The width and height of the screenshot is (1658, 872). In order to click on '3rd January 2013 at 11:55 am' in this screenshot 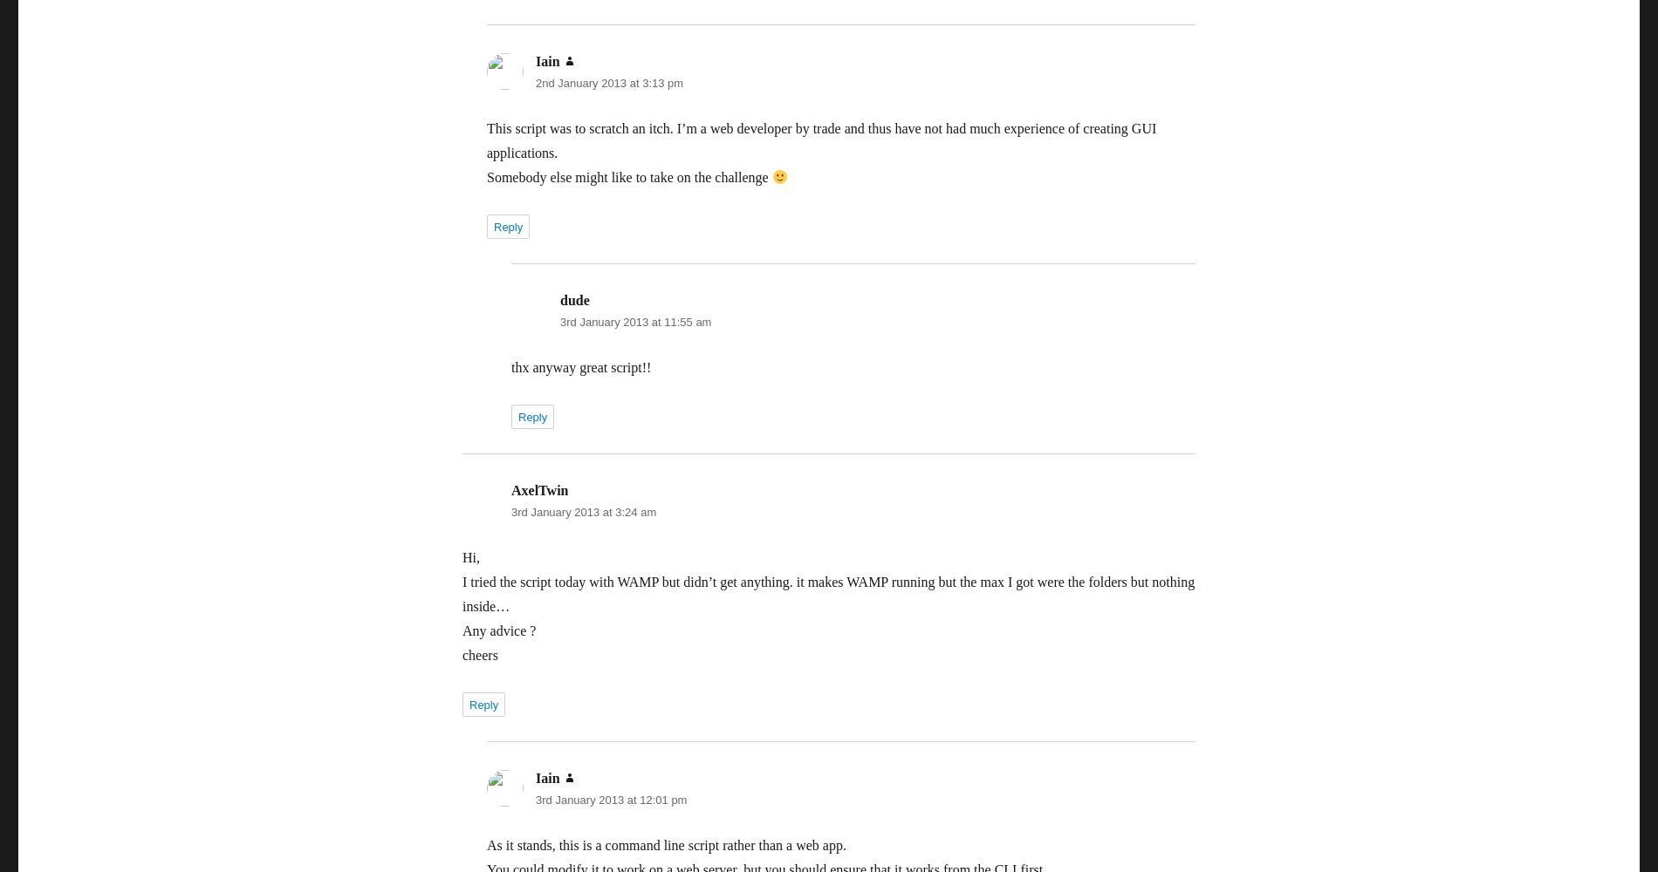, I will do `click(634, 321)`.